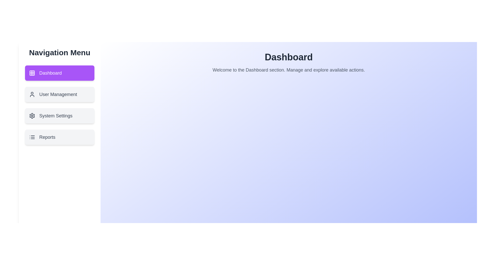 Image resolution: width=490 pixels, height=275 pixels. What do you see at coordinates (60, 137) in the screenshot?
I see `the menu item Reports to observe its hover effect` at bounding box center [60, 137].